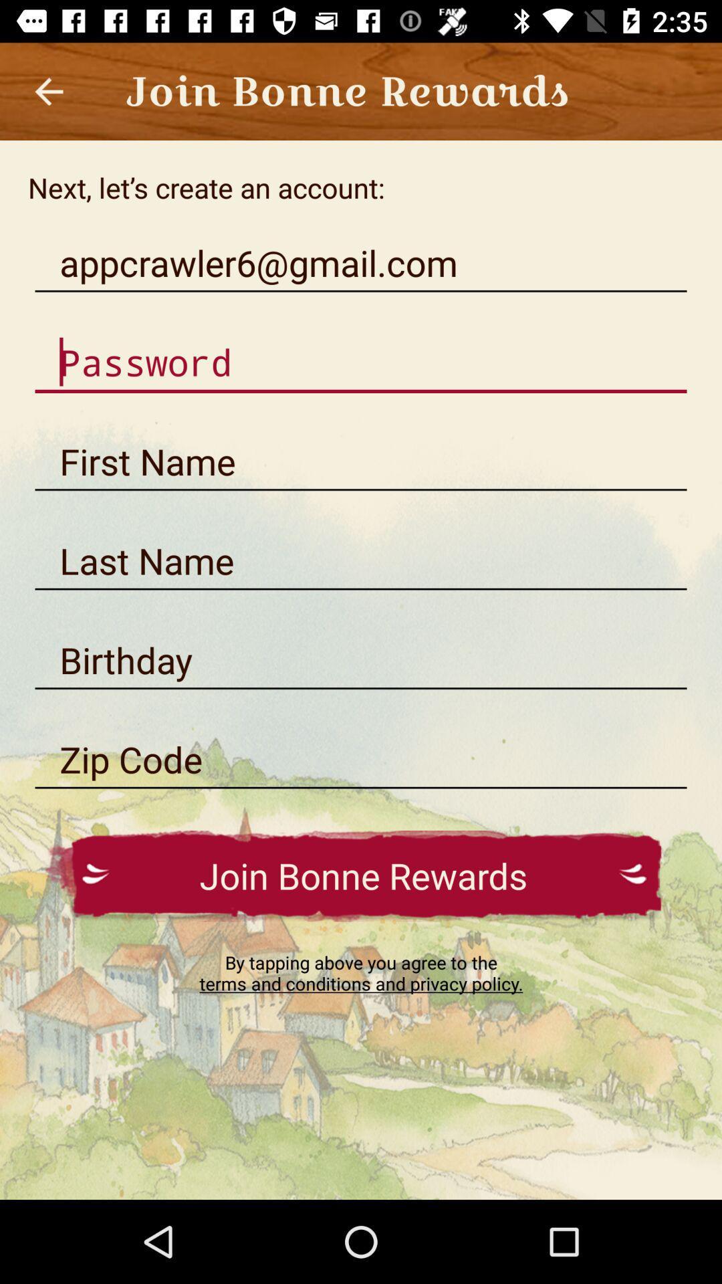 This screenshot has height=1284, width=722. What do you see at coordinates (361, 362) in the screenshot?
I see `password field on sign up form` at bounding box center [361, 362].